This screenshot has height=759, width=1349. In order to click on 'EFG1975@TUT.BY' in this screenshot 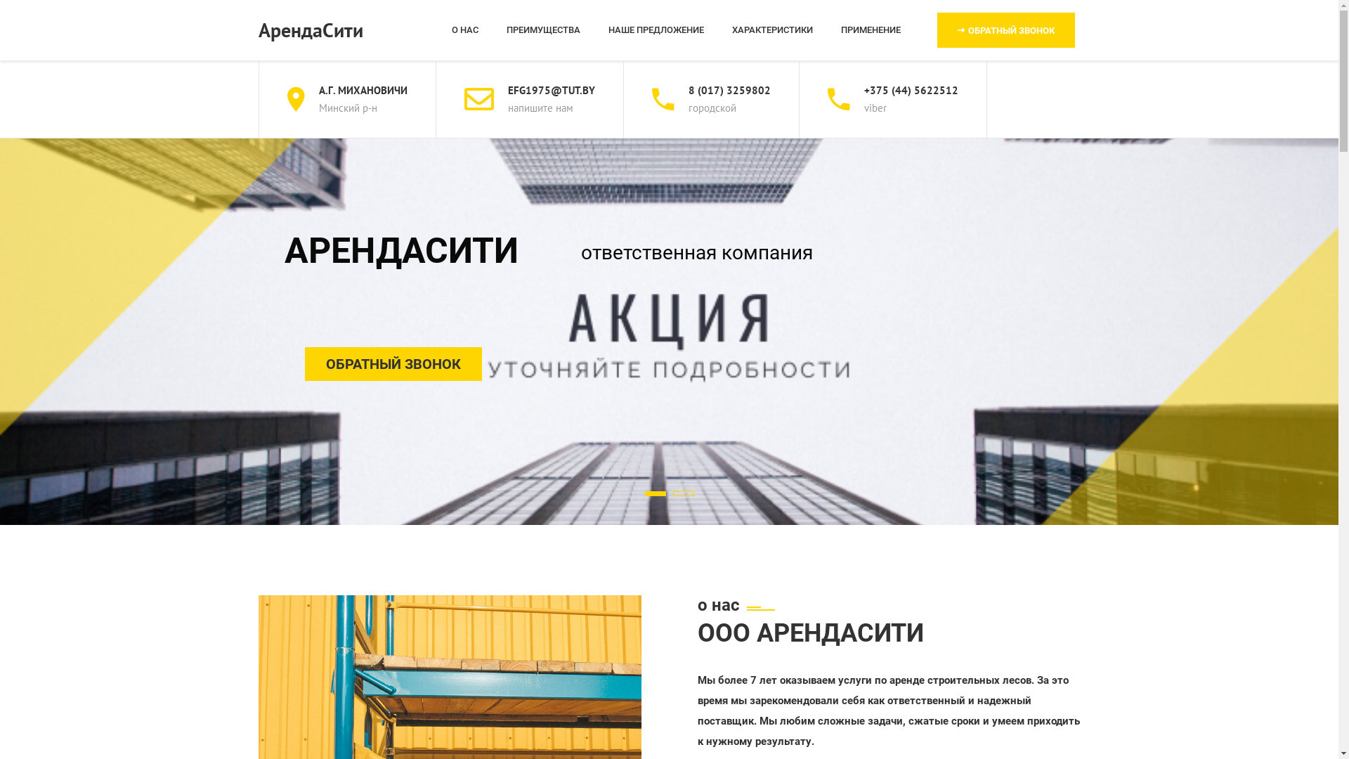, I will do `click(549, 90)`.